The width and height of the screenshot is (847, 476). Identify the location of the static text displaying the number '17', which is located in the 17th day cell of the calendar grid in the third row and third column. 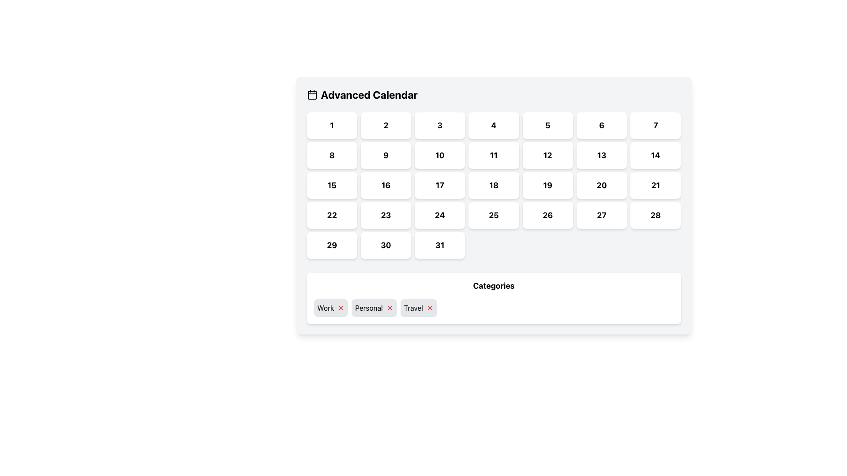
(440, 185).